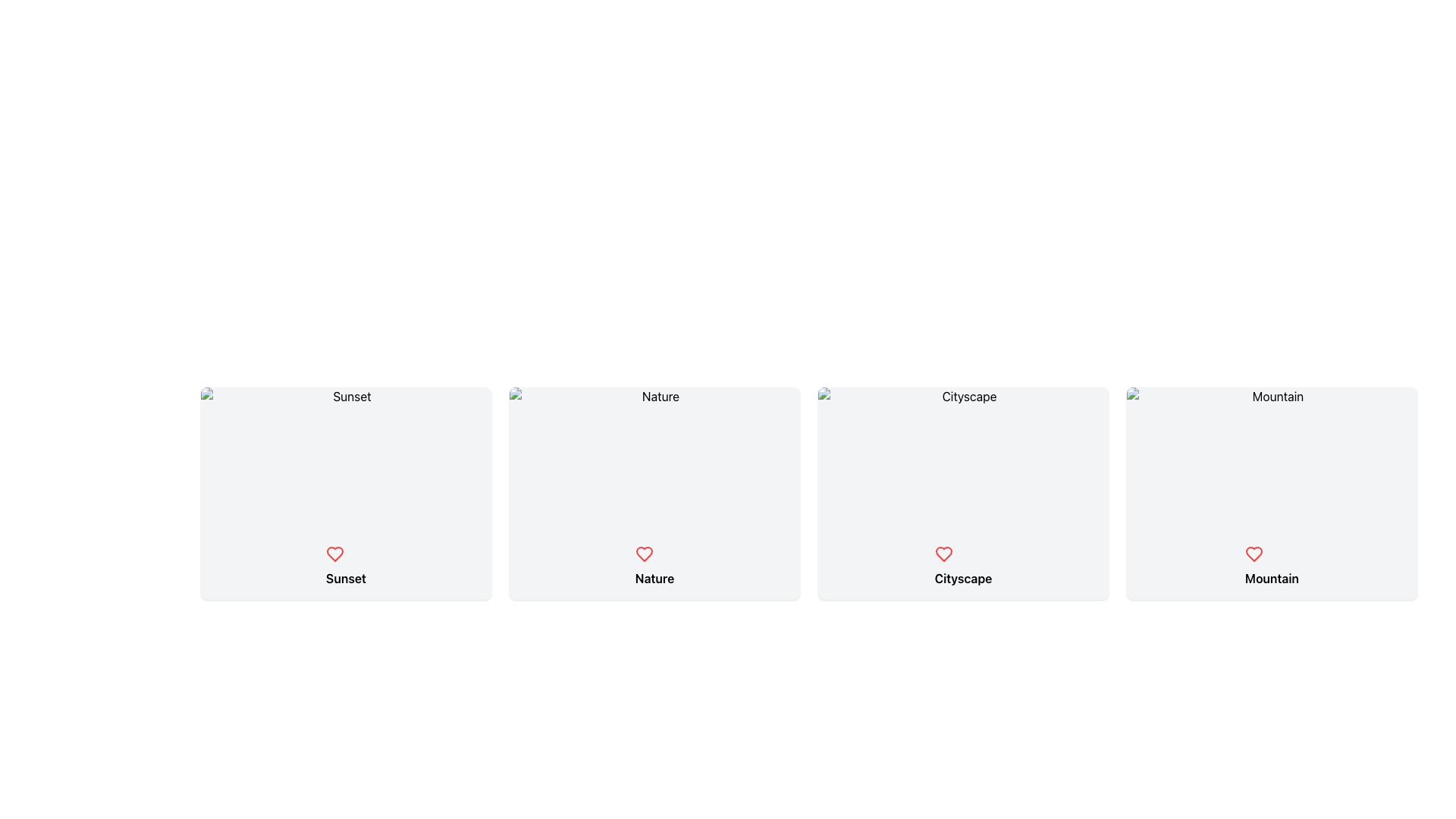 This screenshot has width=1456, height=819. What do you see at coordinates (654, 579) in the screenshot?
I see `the text content of the label displaying 'Nature', which is bold and located below a red heart icon` at bounding box center [654, 579].